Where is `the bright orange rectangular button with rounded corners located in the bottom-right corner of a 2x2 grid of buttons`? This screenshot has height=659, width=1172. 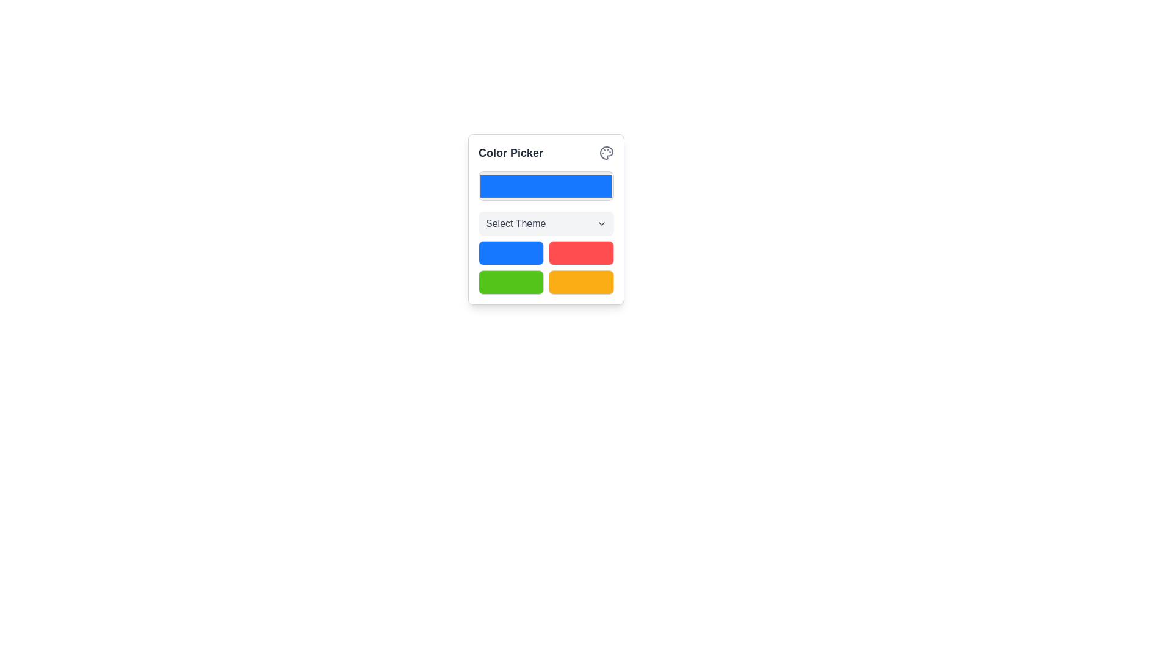
the bright orange rectangular button with rounded corners located in the bottom-right corner of a 2x2 grid of buttons is located at coordinates (581, 282).